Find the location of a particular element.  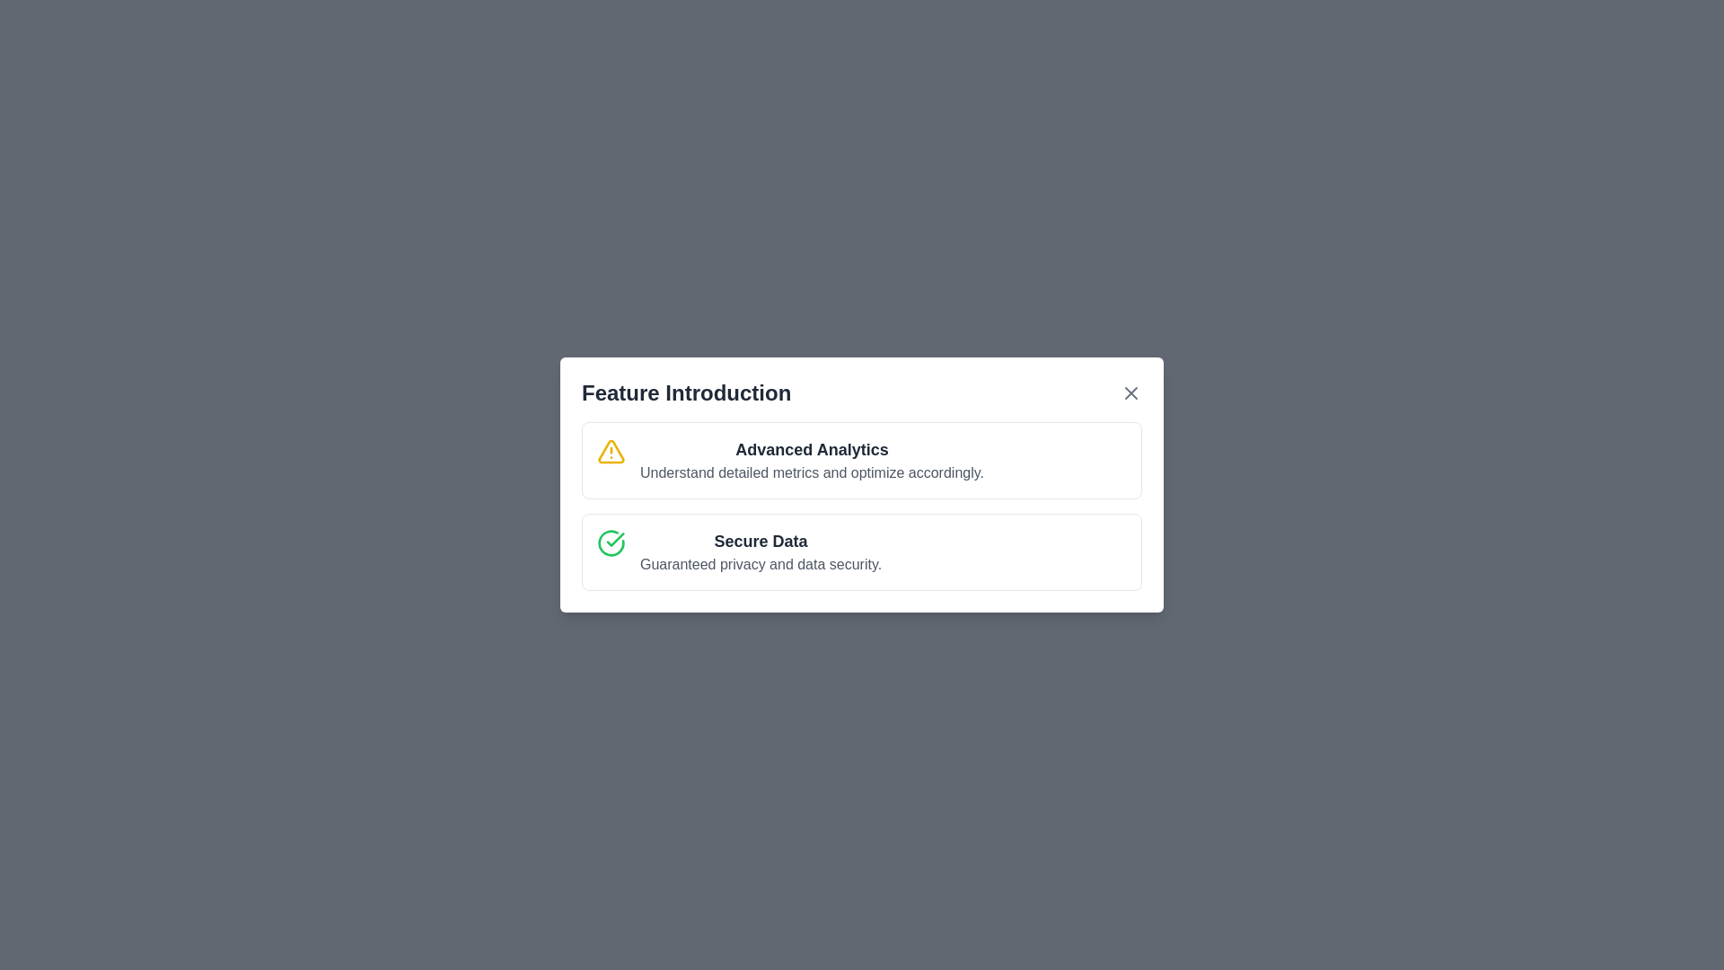

text component styled in grey font that conveys the description 'Understand detailed metrics and optimize accordingly.' It is positioned below the 'Advanced Analytics' heading in the 'Feature Introduction' dialog box is located at coordinates (811, 472).